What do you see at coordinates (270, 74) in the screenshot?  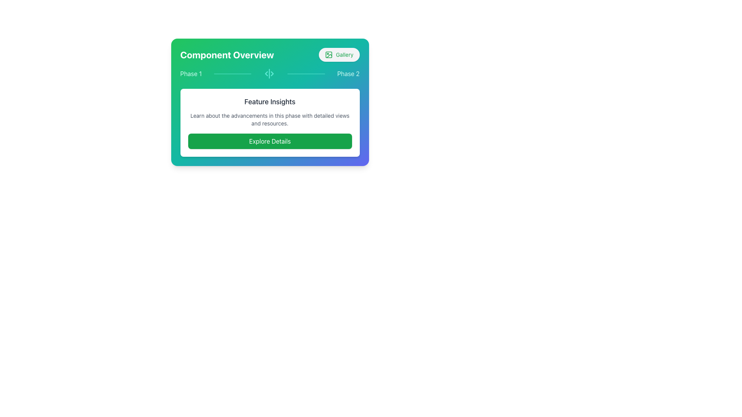 I see `the labels of the Progress Indicator located in the top-middle section of the interface, beneath 'Component Overview' and above 'Feature Insights'` at bounding box center [270, 74].